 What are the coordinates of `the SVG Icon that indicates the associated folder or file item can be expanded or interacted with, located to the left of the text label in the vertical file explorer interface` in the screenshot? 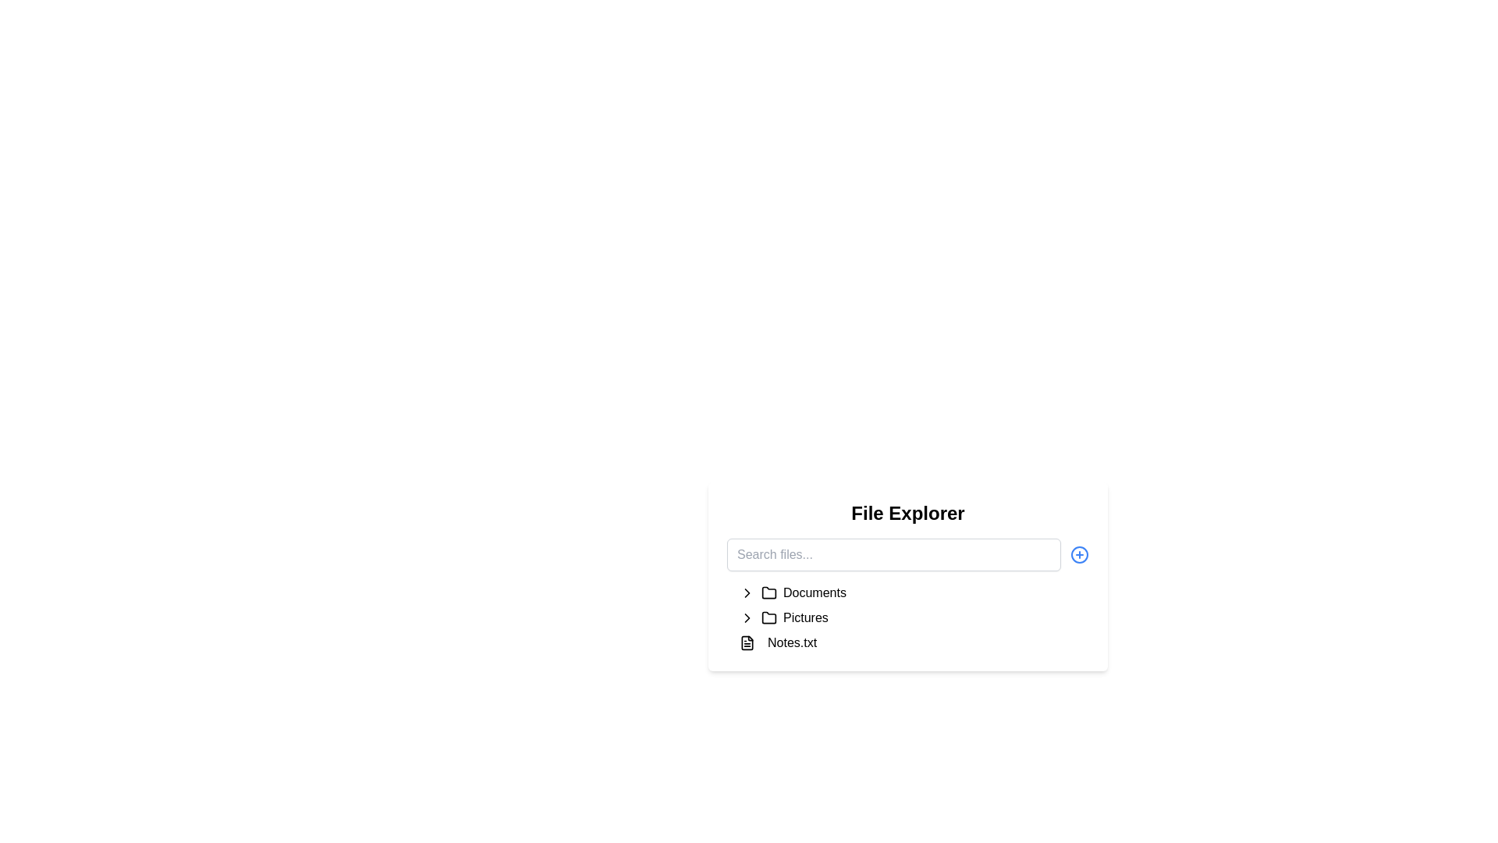 It's located at (747, 617).